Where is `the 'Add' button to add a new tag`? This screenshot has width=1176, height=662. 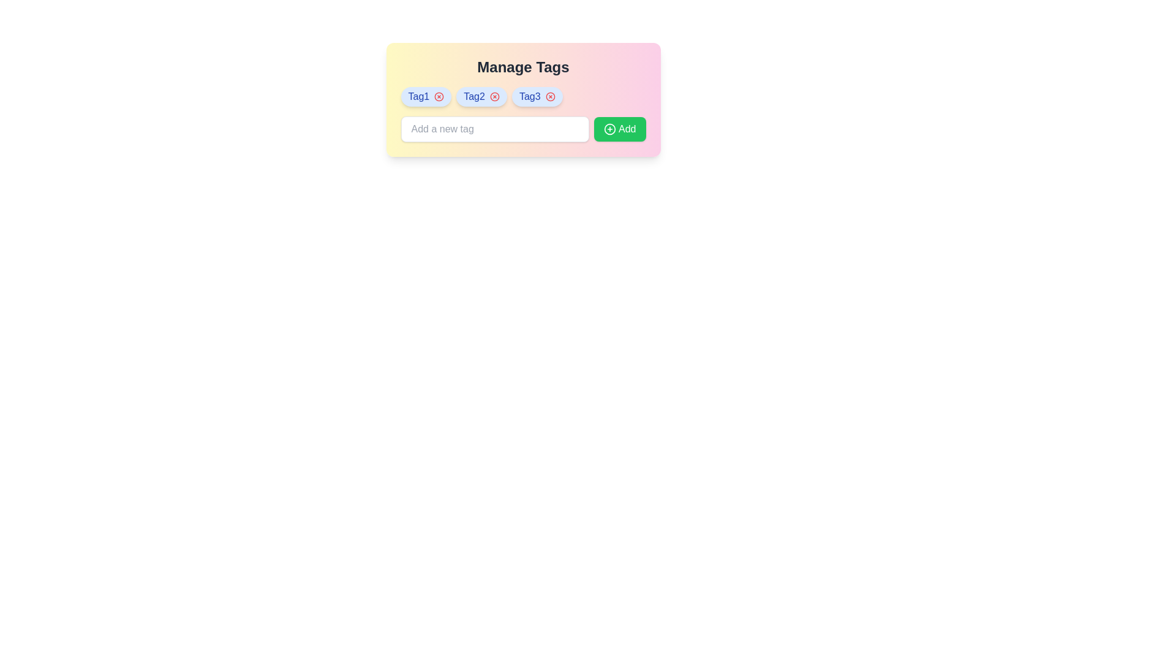 the 'Add' button to add a new tag is located at coordinates (620, 129).